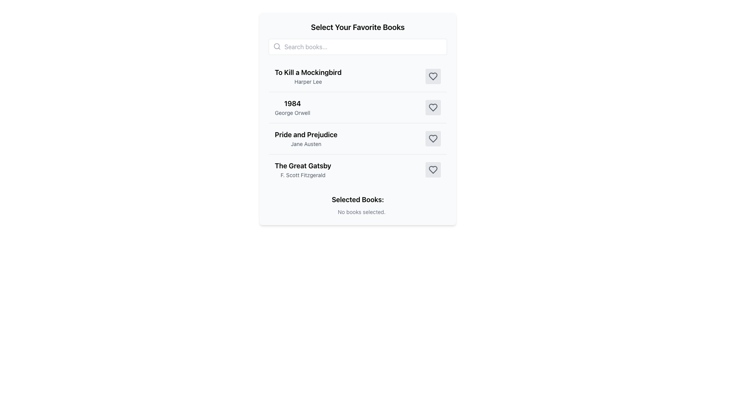 The height and width of the screenshot is (415, 738). I want to click on the text label displaying the title of the book '1984' in the selection interface for favorite books, which is positioned above the subtitle 'George Orwell', so click(292, 104).